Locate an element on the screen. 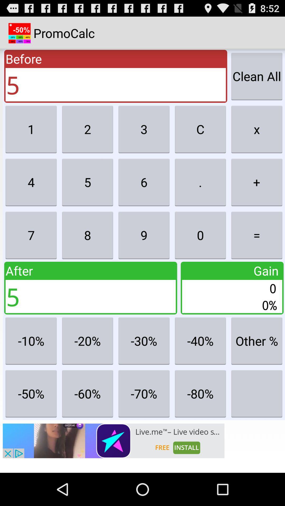 The height and width of the screenshot is (506, 285). open advert is located at coordinates (113, 441).